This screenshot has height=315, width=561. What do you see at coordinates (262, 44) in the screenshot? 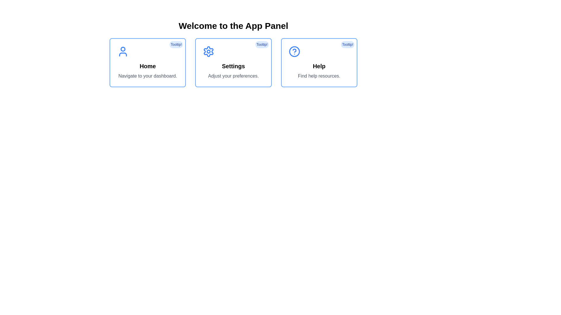
I see `the Tooltip indicator located at the top-right corner of the 'Settings' section card` at bounding box center [262, 44].